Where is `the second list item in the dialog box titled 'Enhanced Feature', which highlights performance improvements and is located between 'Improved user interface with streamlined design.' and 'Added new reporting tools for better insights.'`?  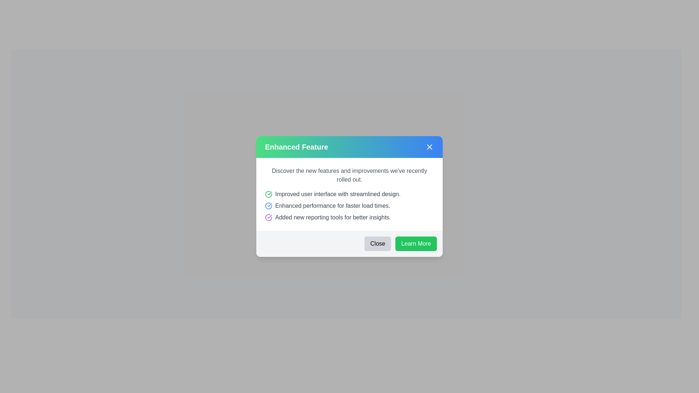
the second list item in the dialog box titled 'Enhanced Feature', which highlights performance improvements and is located between 'Improved user interface with streamlined design.' and 'Added new reporting tools for better insights.' is located at coordinates (349, 206).